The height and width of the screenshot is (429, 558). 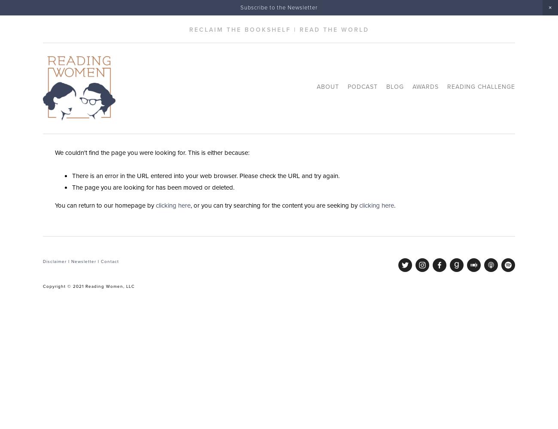 What do you see at coordinates (54, 152) in the screenshot?
I see `'We couldn't find the page you were looking for. This is either because:'` at bounding box center [54, 152].